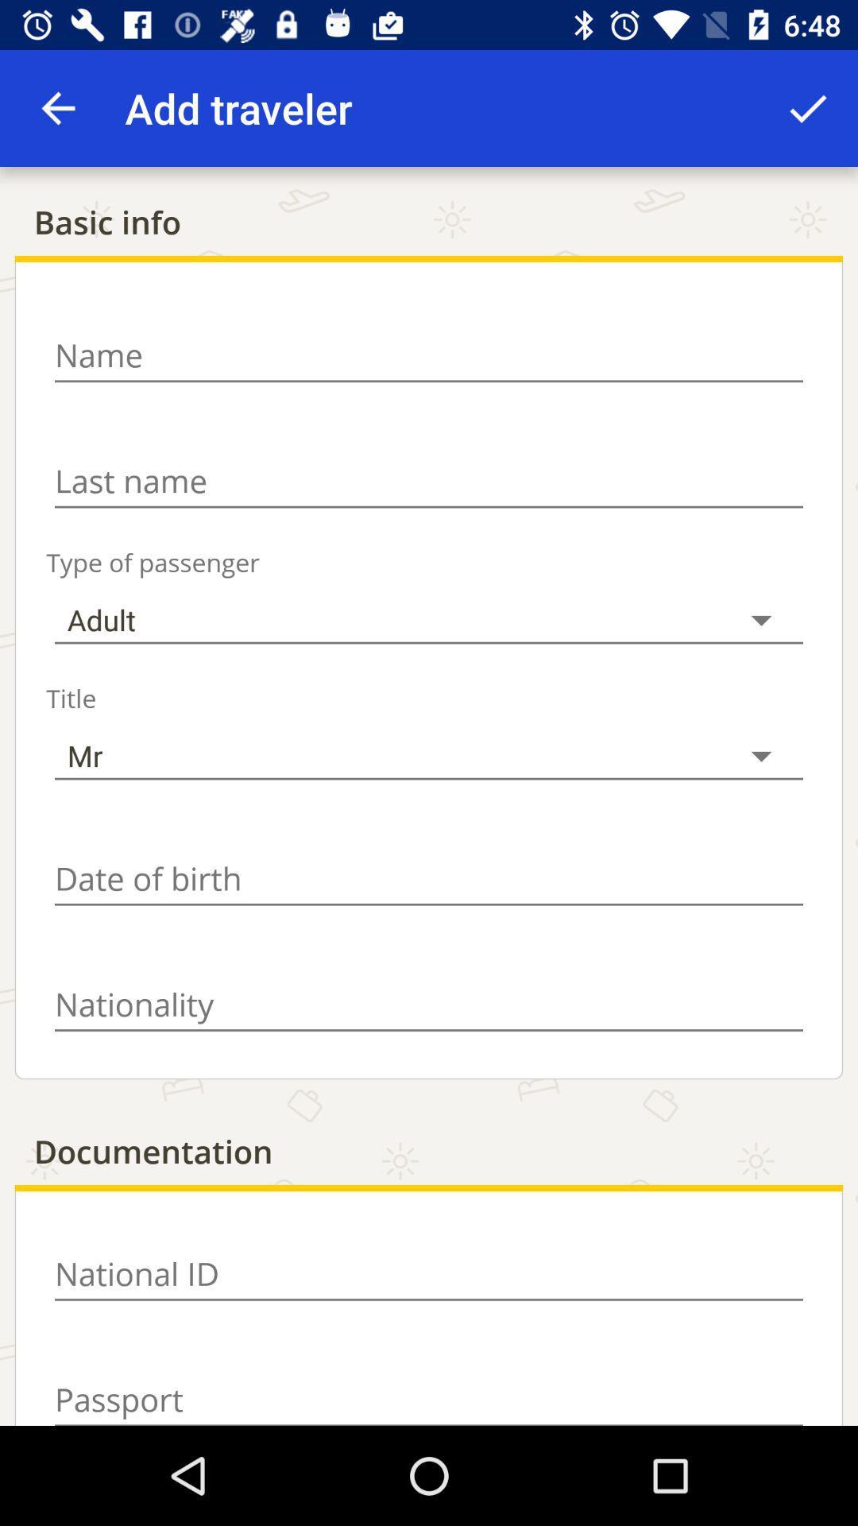 The image size is (858, 1526). What do you see at coordinates (808, 107) in the screenshot?
I see `the icon at the top right corner` at bounding box center [808, 107].